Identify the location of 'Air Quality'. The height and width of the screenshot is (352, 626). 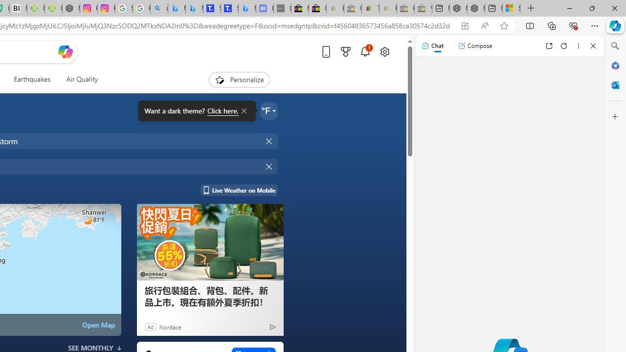
(78, 79).